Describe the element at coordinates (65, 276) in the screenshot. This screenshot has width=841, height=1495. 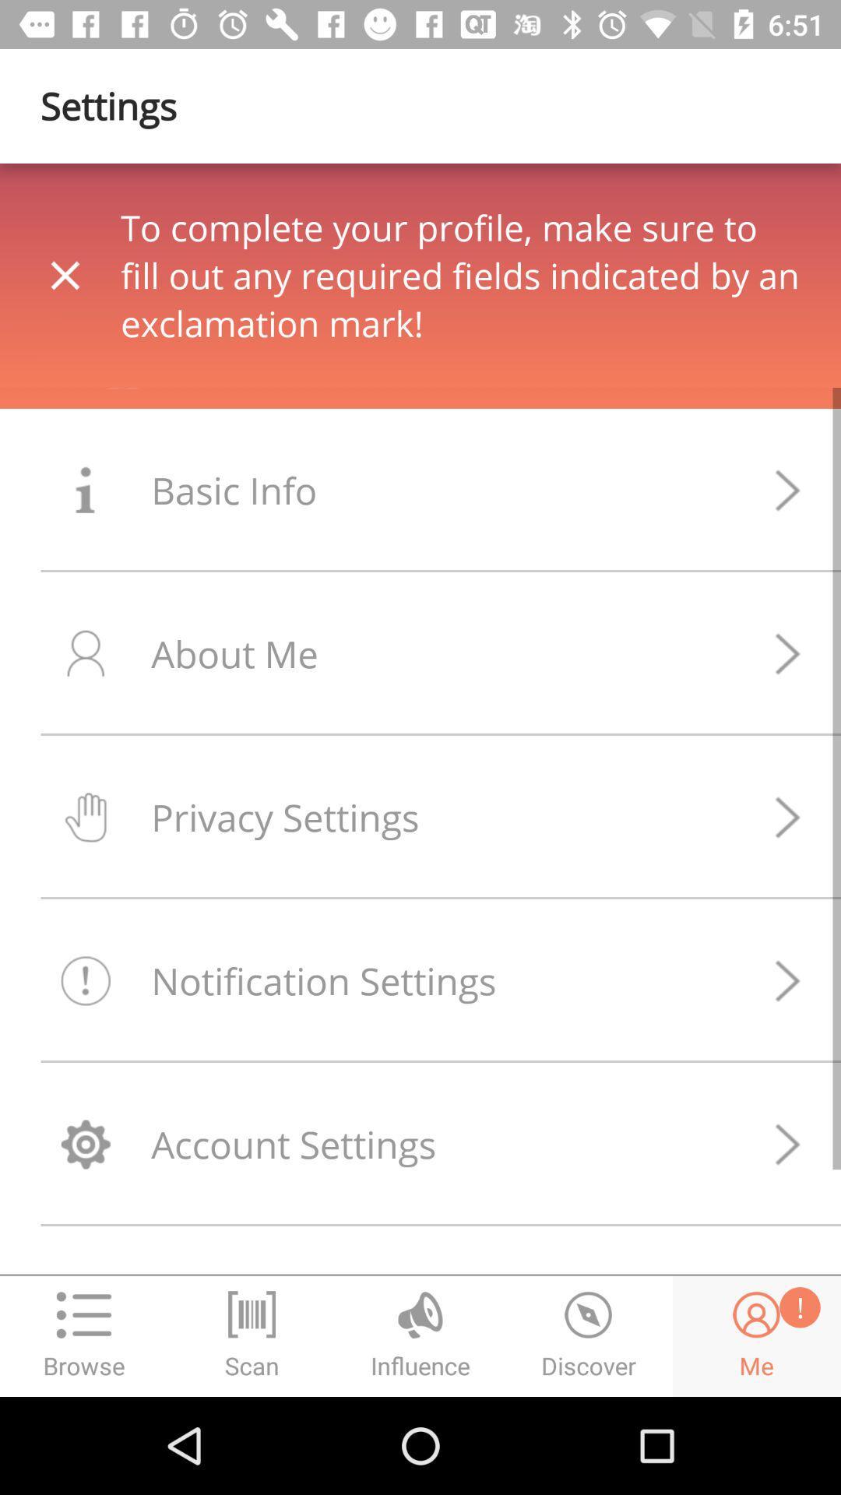
I see `the close icon` at that location.